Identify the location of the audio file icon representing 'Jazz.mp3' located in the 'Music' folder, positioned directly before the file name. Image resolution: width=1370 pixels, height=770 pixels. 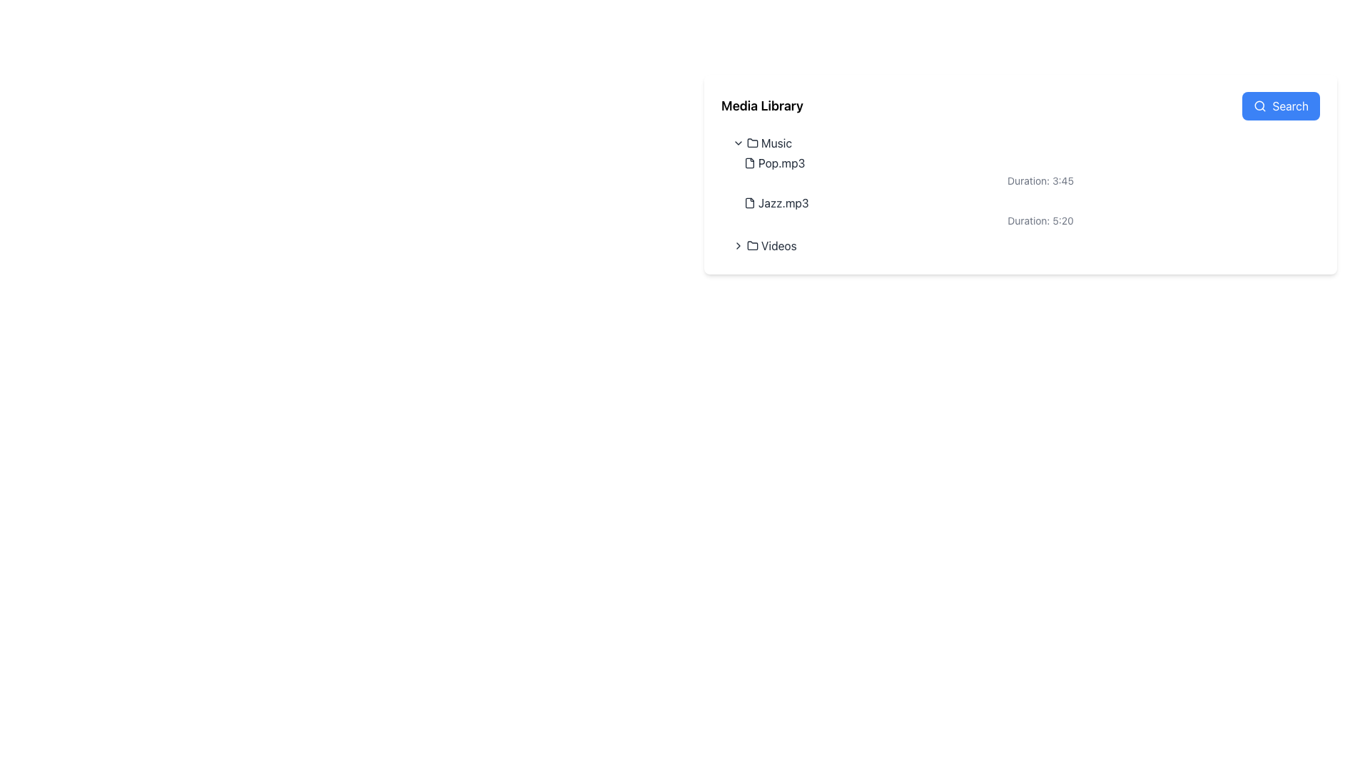
(749, 203).